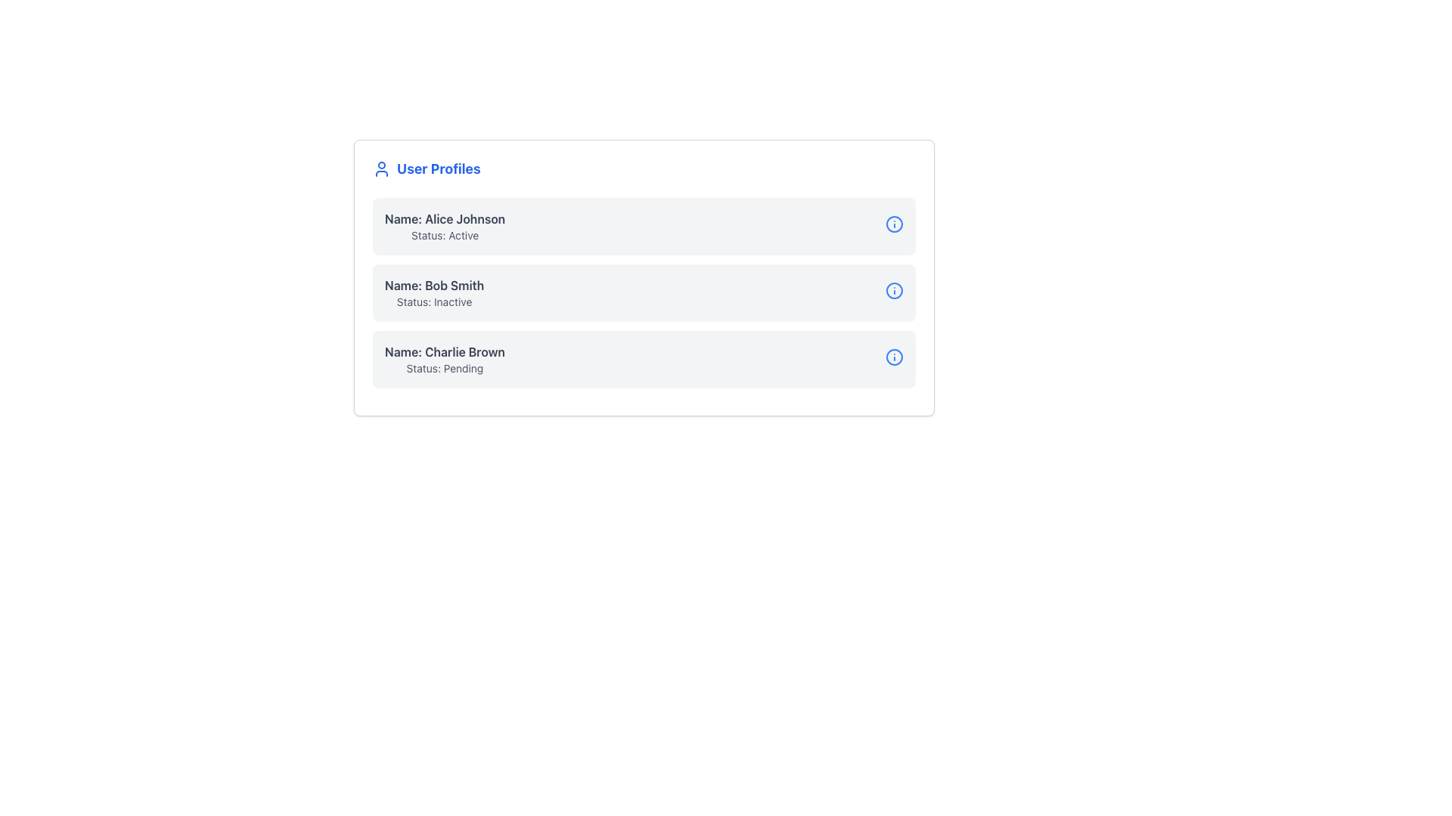  Describe the element at coordinates (433, 286) in the screenshot. I see `the user name label in the second user profile card, which is positioned above the 'Status: Inactive' text` at that location.